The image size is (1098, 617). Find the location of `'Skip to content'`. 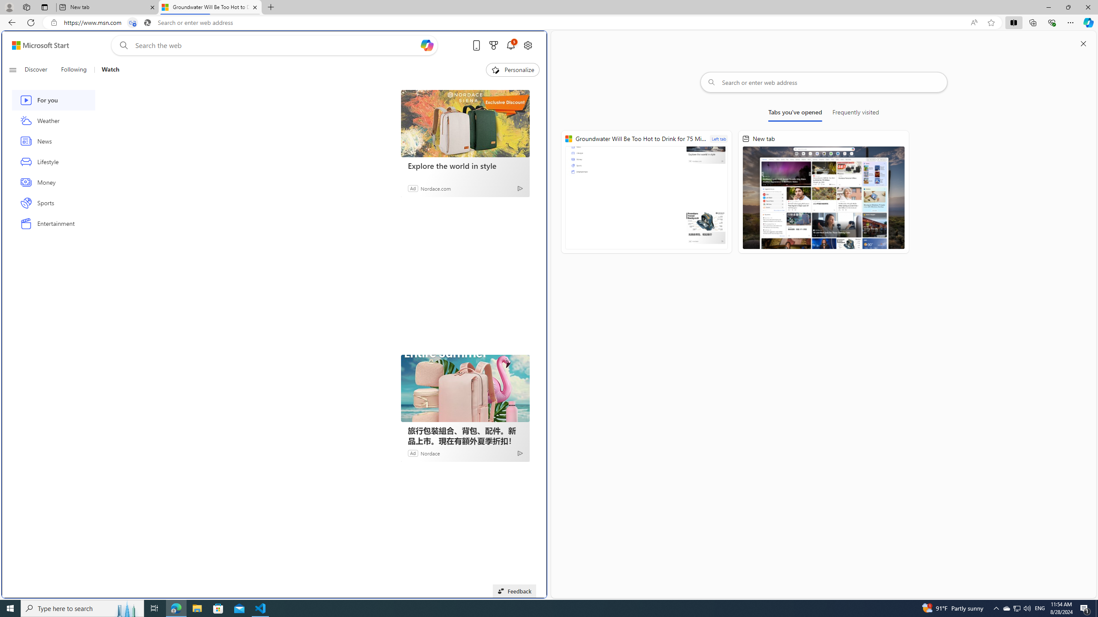

'Skip to content' is located at coordinates (37, 45).